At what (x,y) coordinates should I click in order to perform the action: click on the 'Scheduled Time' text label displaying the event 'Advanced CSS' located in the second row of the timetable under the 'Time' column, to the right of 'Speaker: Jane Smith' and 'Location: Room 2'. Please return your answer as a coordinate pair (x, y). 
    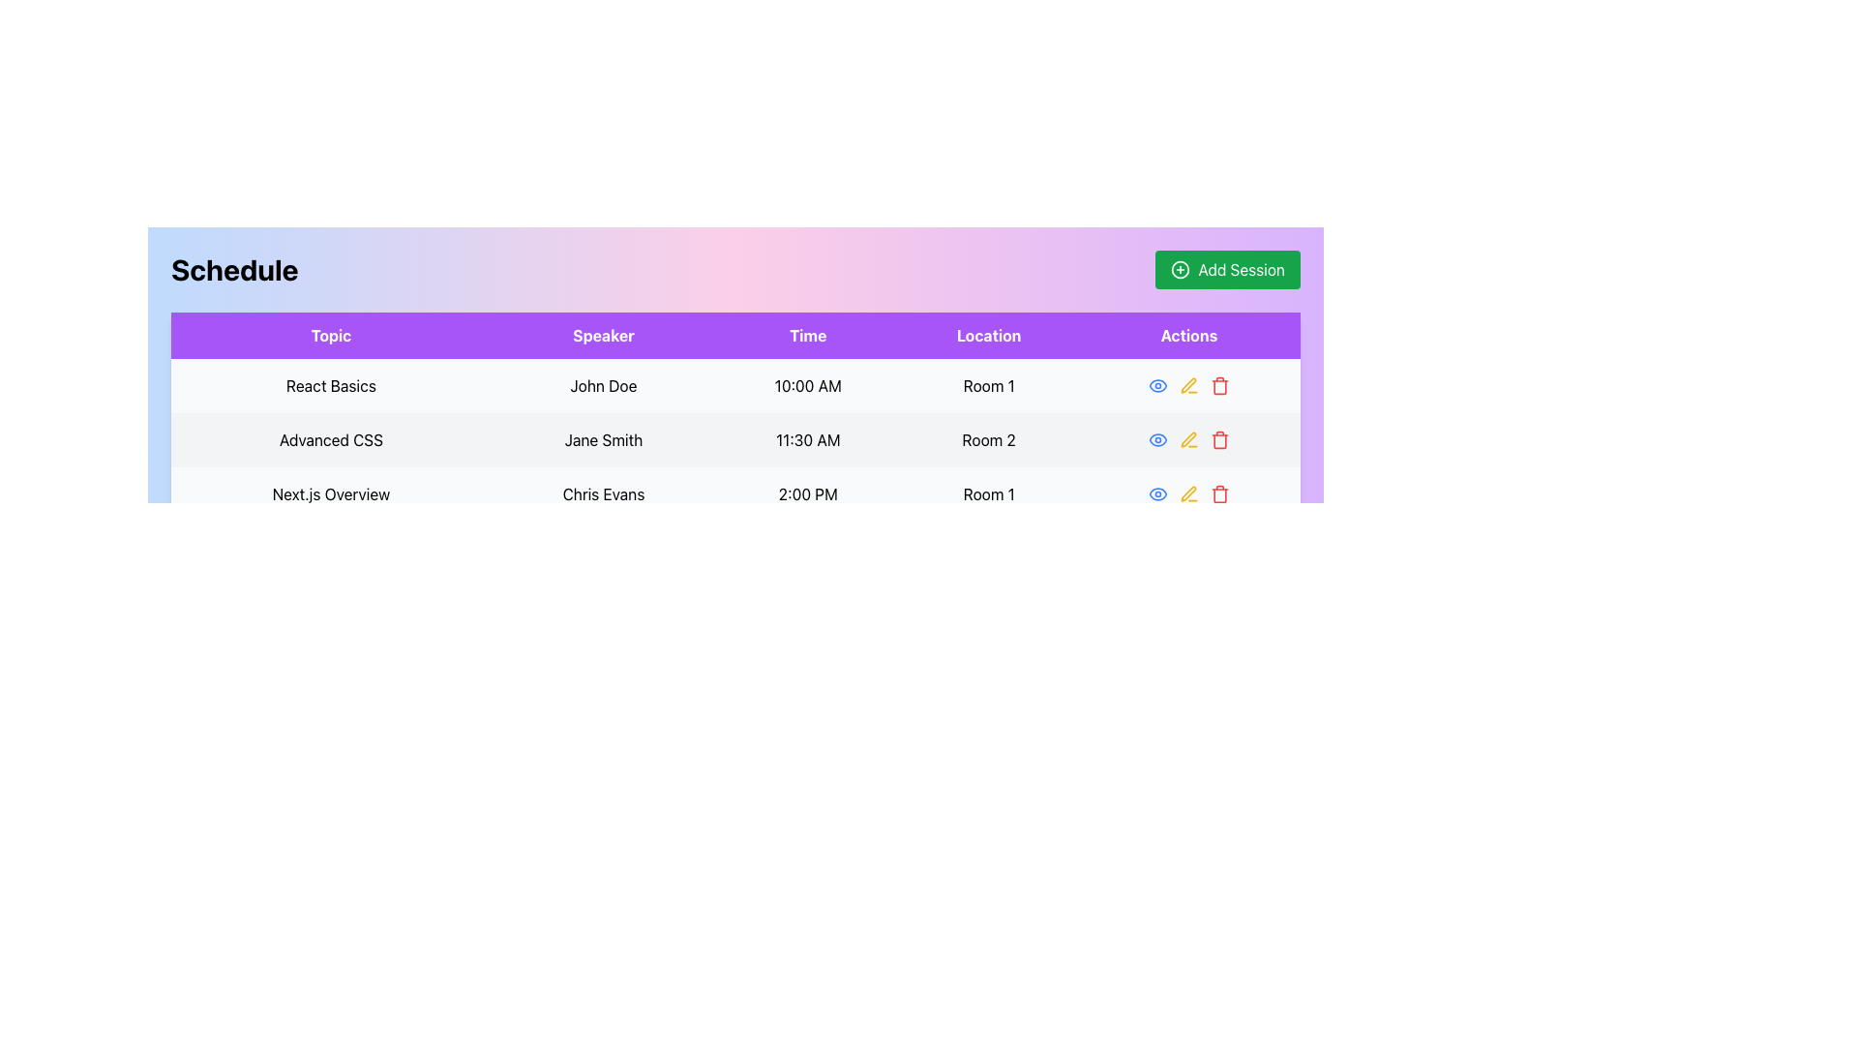
    Looking at the image, I should click on (808, 440).